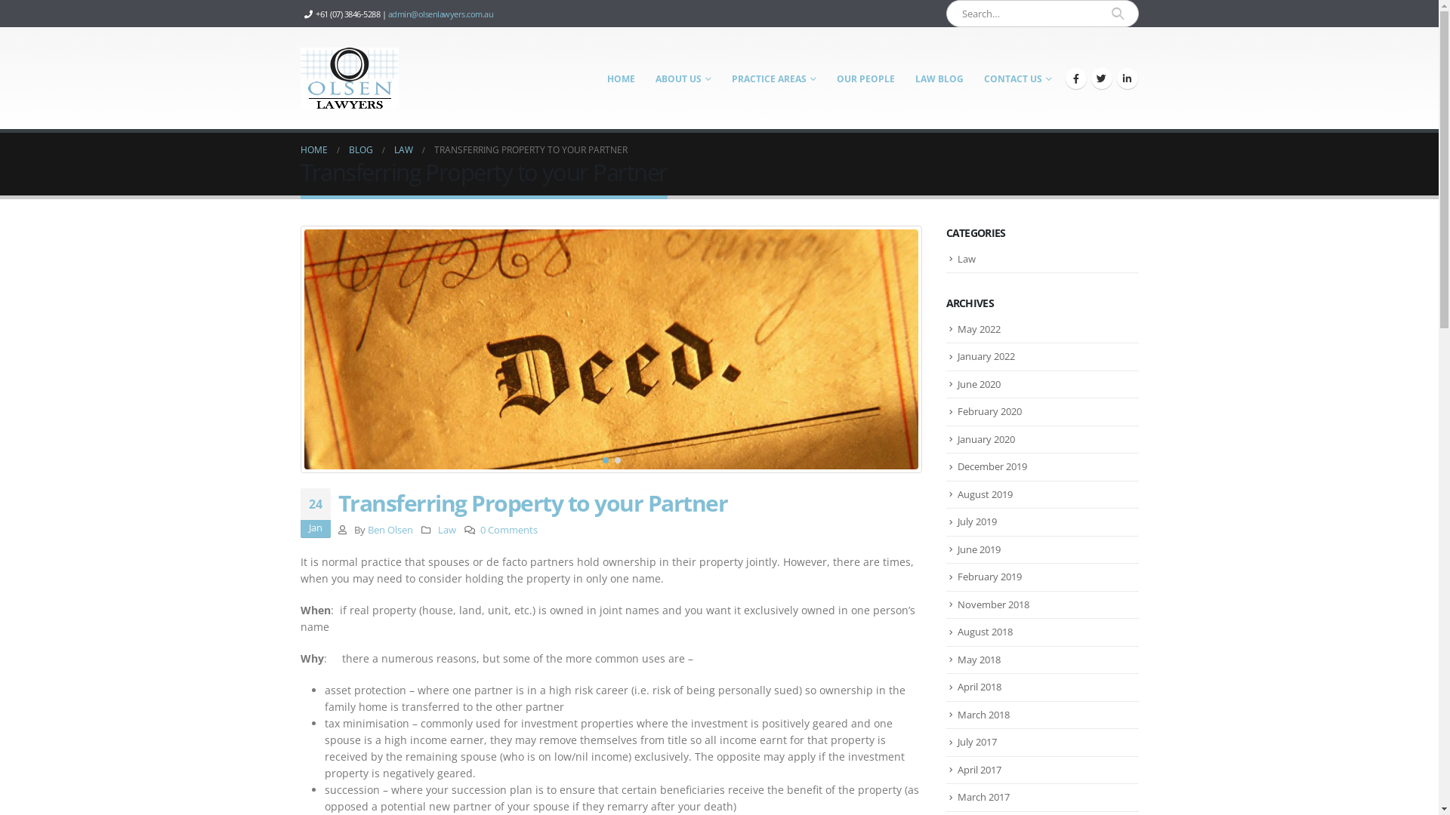 The height and width of the screenshot is (815, 1450). I want to click on 'LAW', so click(403, 150).